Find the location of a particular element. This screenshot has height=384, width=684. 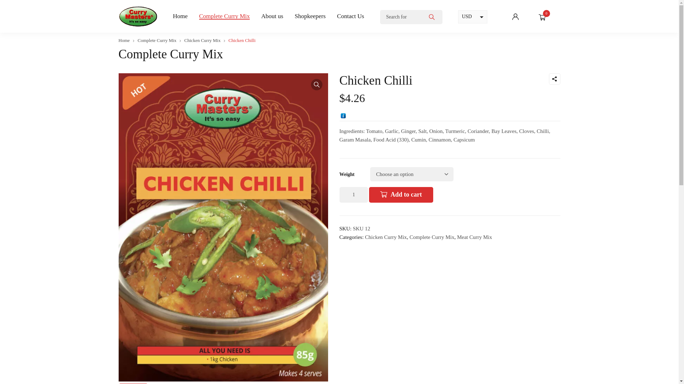

'Meat Curry Mix' is located at coordinates (474, 237).